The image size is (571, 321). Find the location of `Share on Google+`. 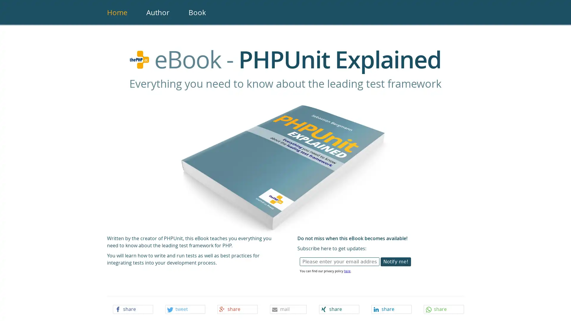

Share on Google+ is located at coordinates (237, 309).